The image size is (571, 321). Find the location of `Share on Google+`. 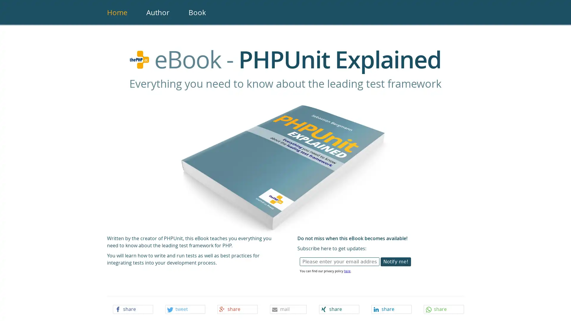

Share on Google+ is located at coordinates (237, 309).